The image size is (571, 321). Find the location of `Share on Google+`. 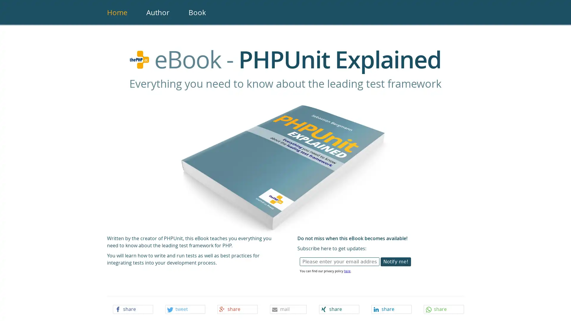

Share on Google+ is located at coordinates (237, 309).